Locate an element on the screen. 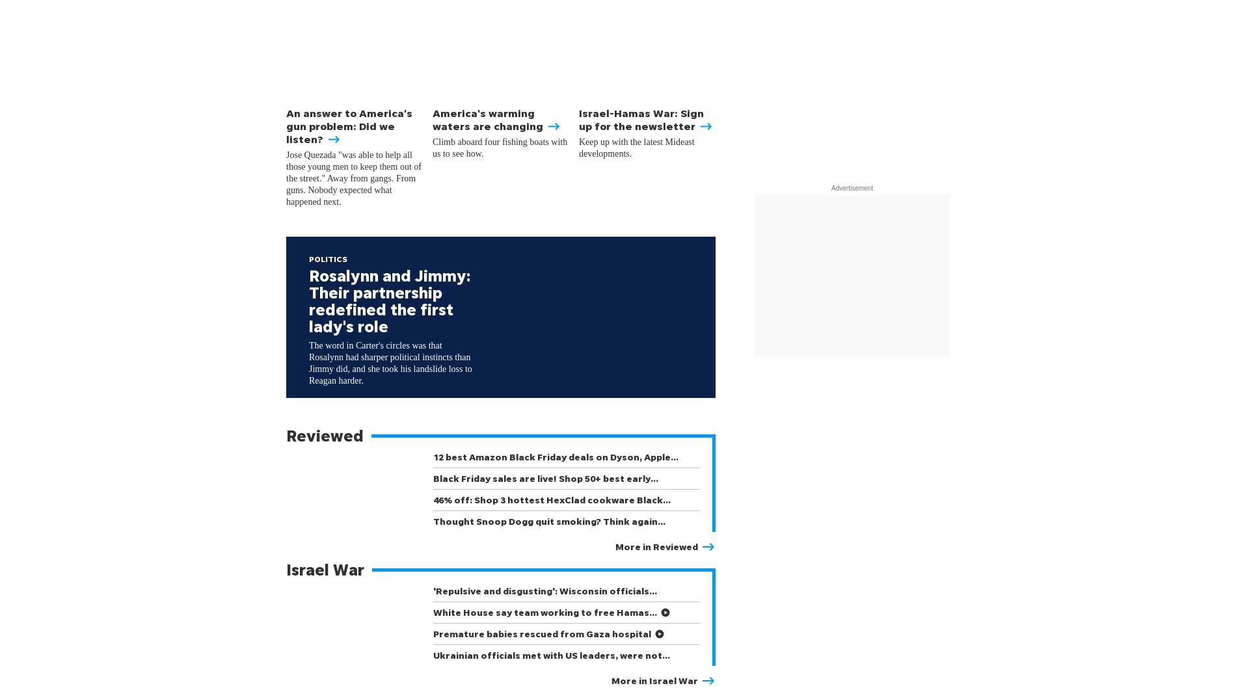 The image size is (1236, 688). '46% off: Shop 3 hottest HexClad cookware Black…' is located at coordinates (433, 499).